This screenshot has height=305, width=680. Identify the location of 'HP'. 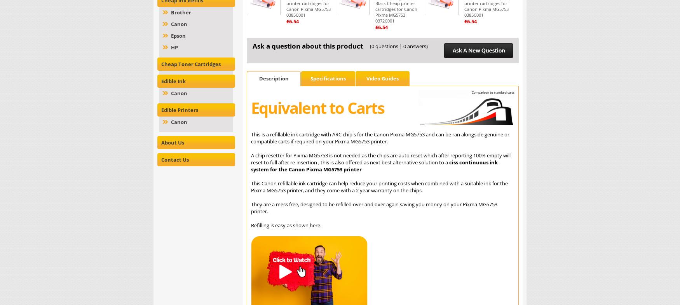
(174, 47).